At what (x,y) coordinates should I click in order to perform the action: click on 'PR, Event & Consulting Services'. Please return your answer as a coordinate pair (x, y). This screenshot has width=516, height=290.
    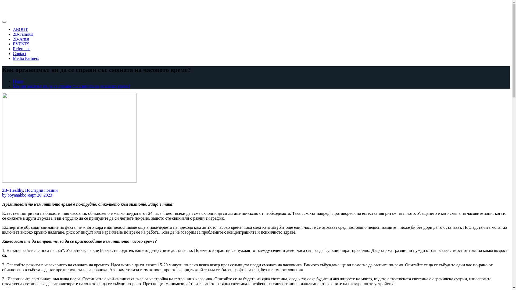
    Looking at the image, I should click on (48, 9).